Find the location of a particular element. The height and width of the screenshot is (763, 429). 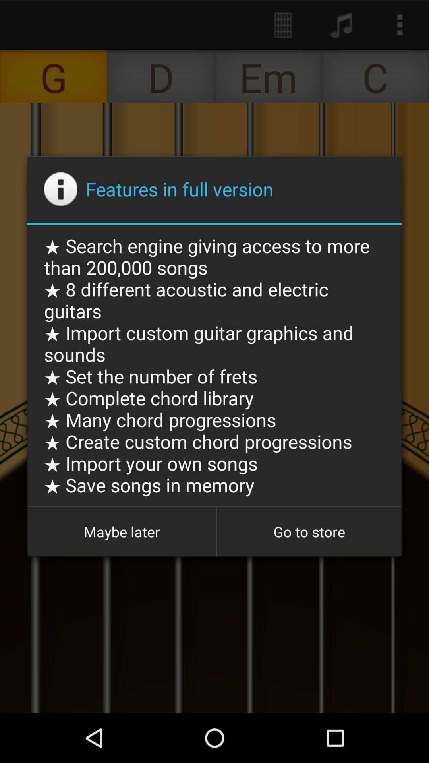

icon next to the maybe later icon is located at coordinates (309, 532).